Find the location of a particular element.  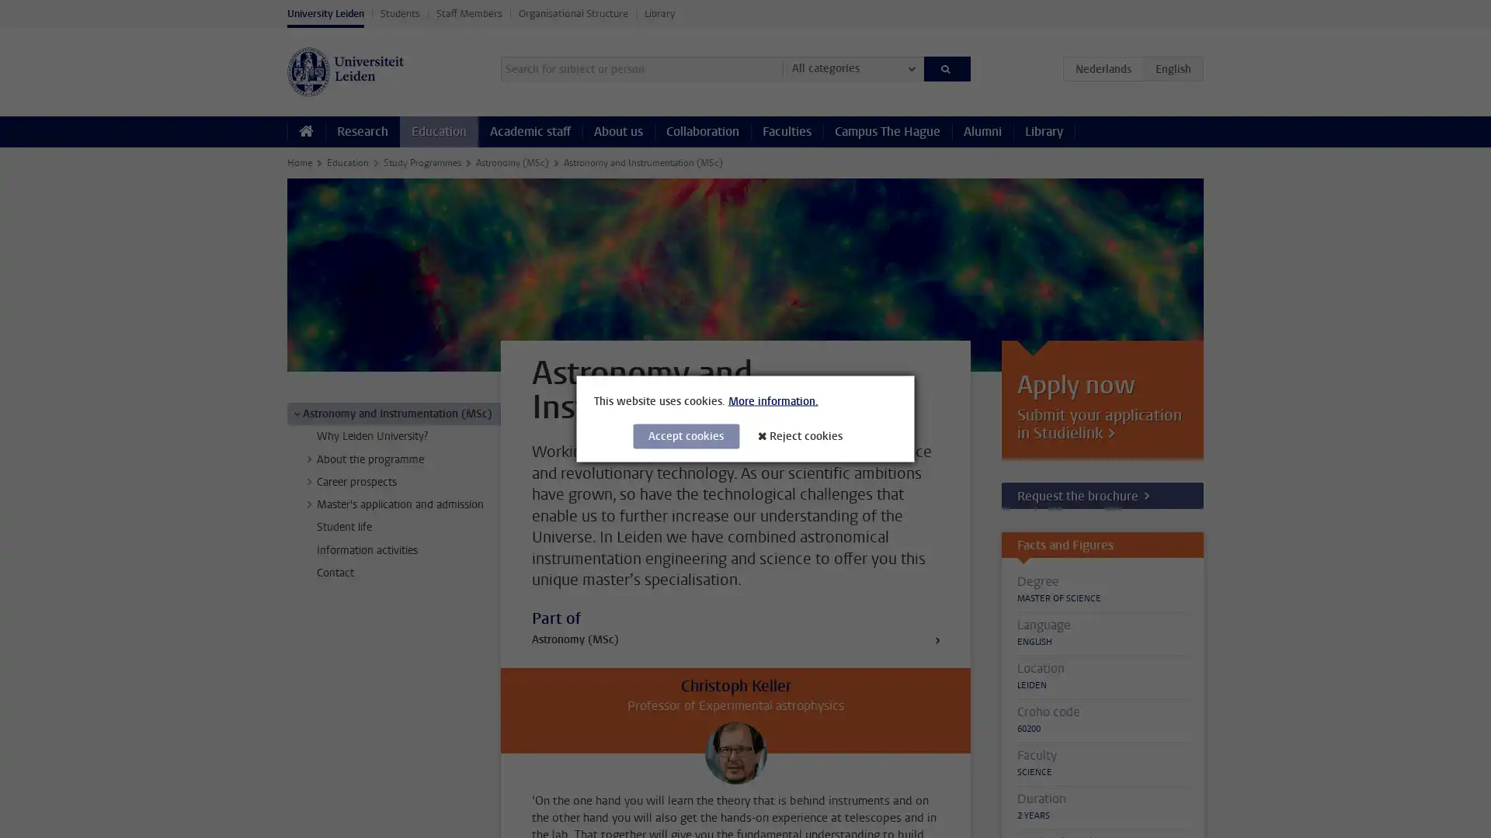

Accept cookies is located at coordinates (685, 436).